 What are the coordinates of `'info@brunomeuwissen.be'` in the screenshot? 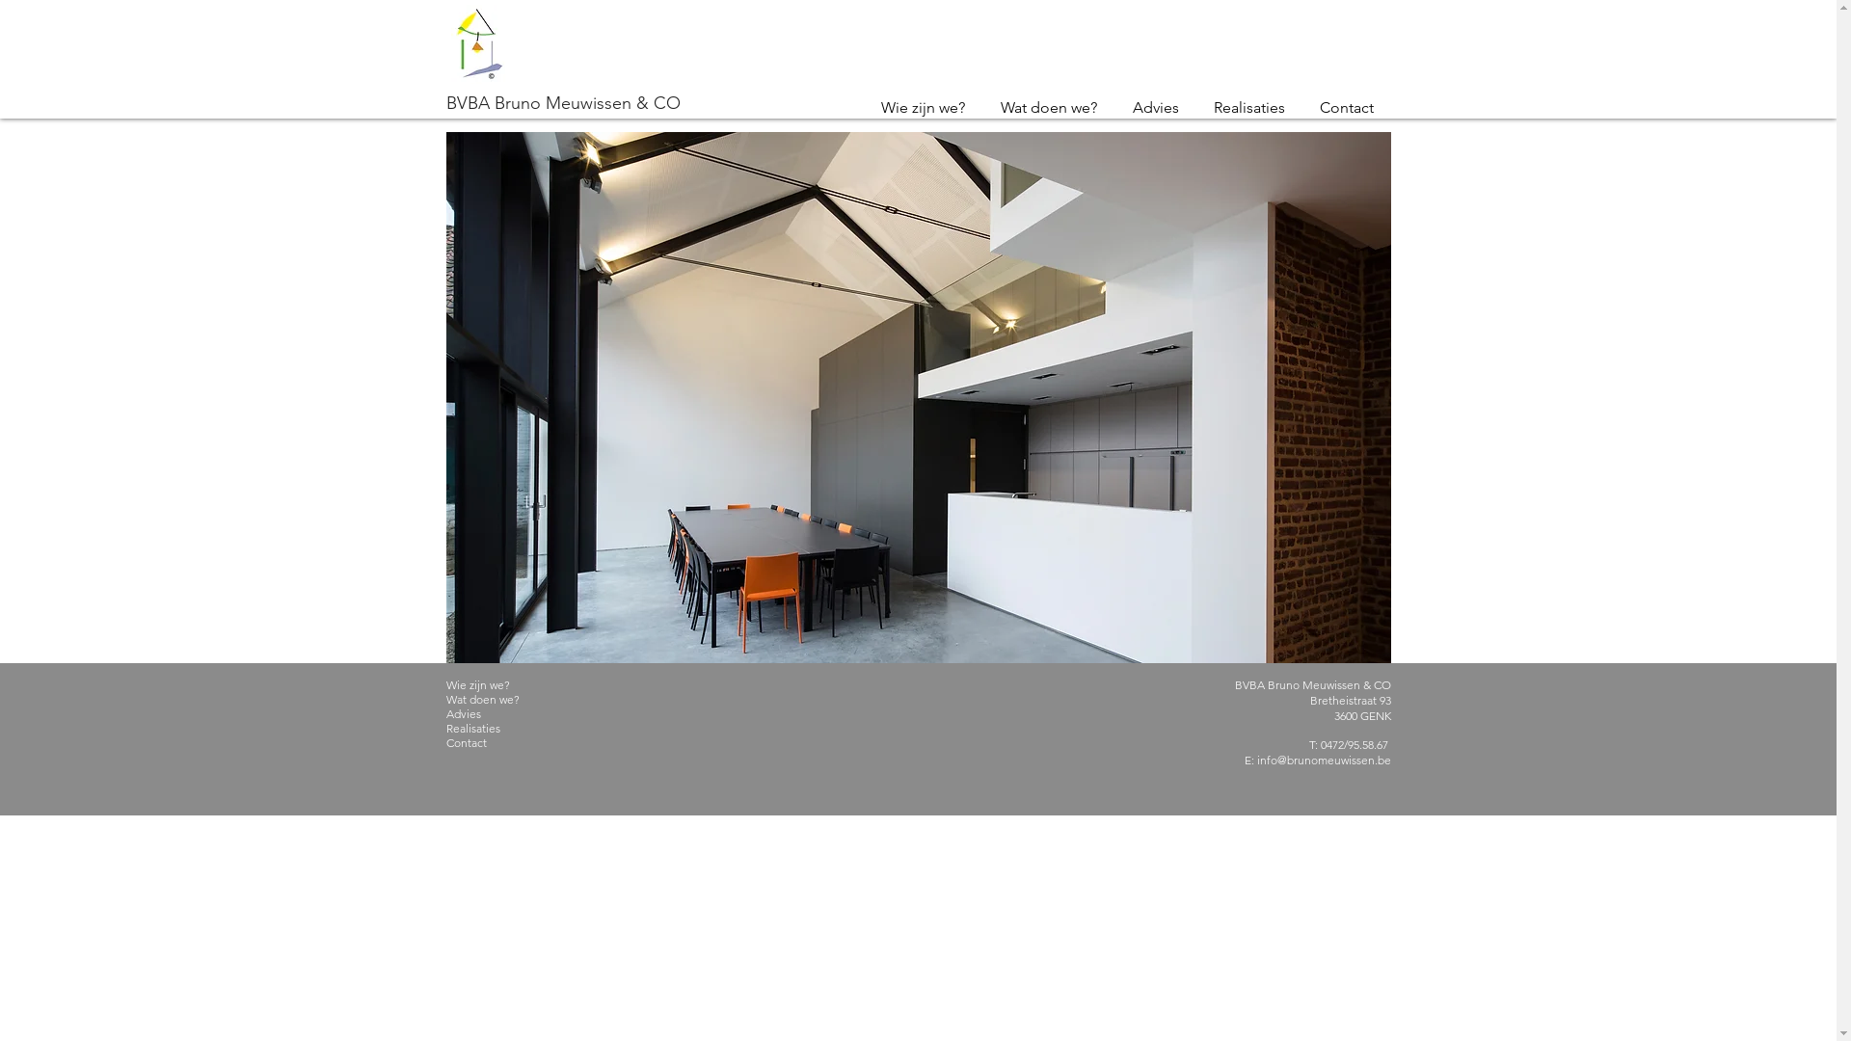 It's located at (1323, 759).